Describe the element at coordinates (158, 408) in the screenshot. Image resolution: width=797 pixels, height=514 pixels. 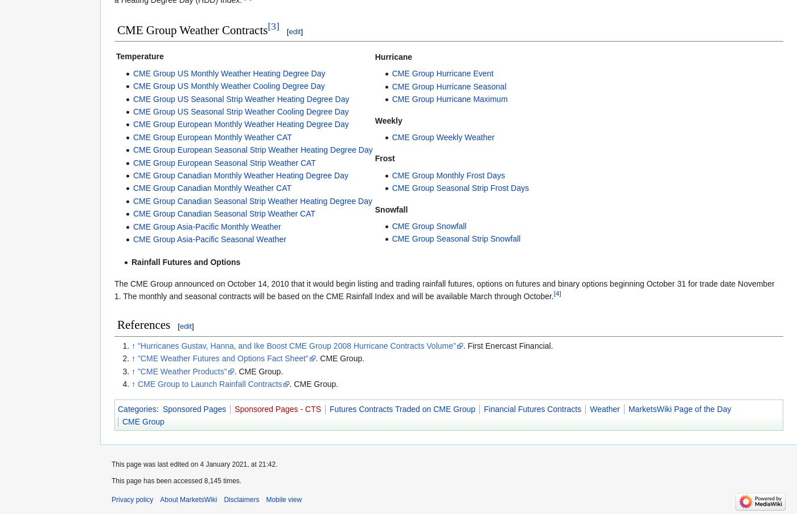
I see `':'` at that location.